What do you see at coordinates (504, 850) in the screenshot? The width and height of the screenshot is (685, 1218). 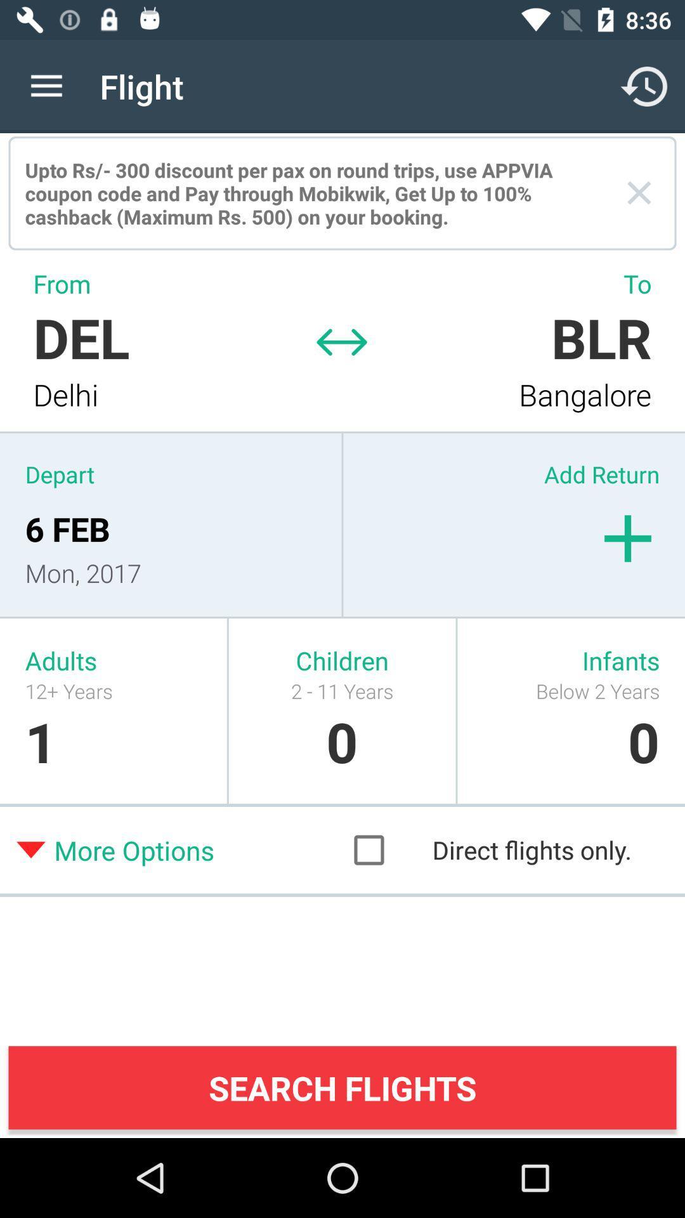 I see `the direct flights only. icon` at bounding box center [504, 850].